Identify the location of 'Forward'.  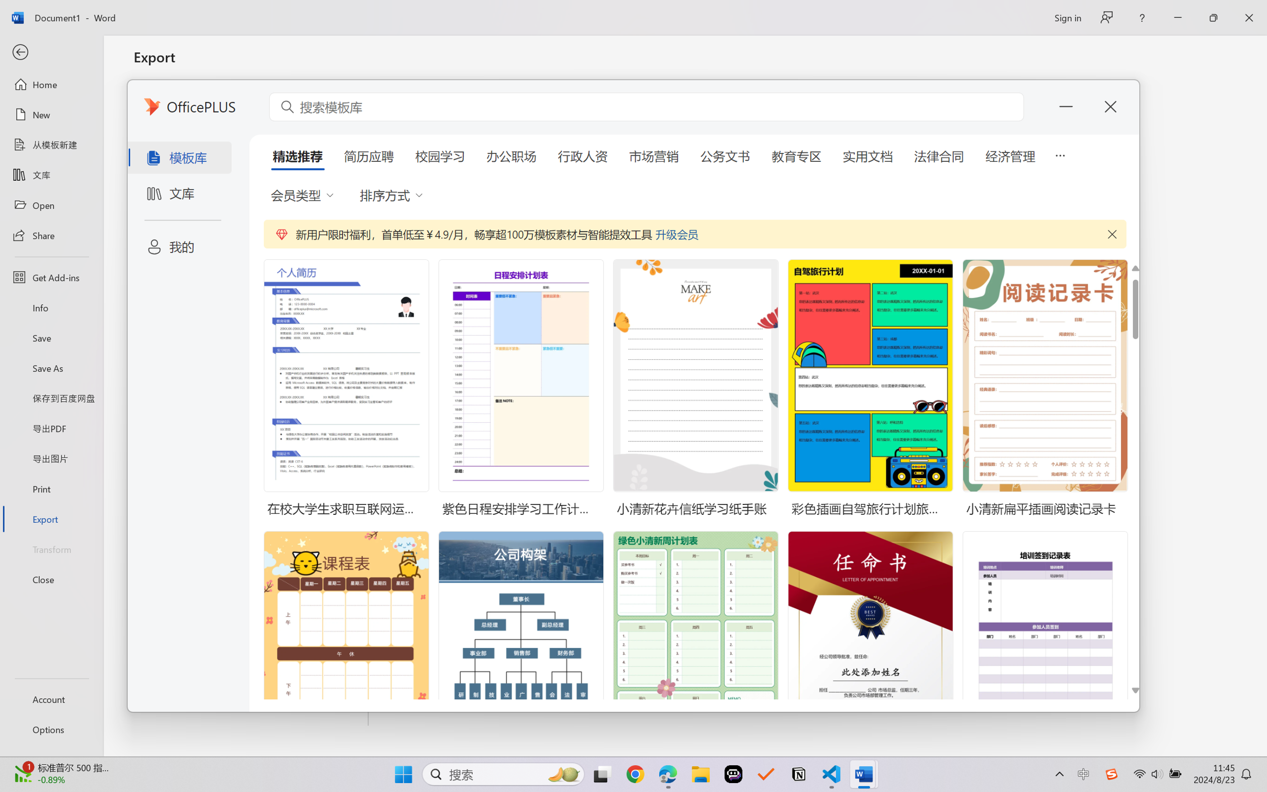
(28, 35).